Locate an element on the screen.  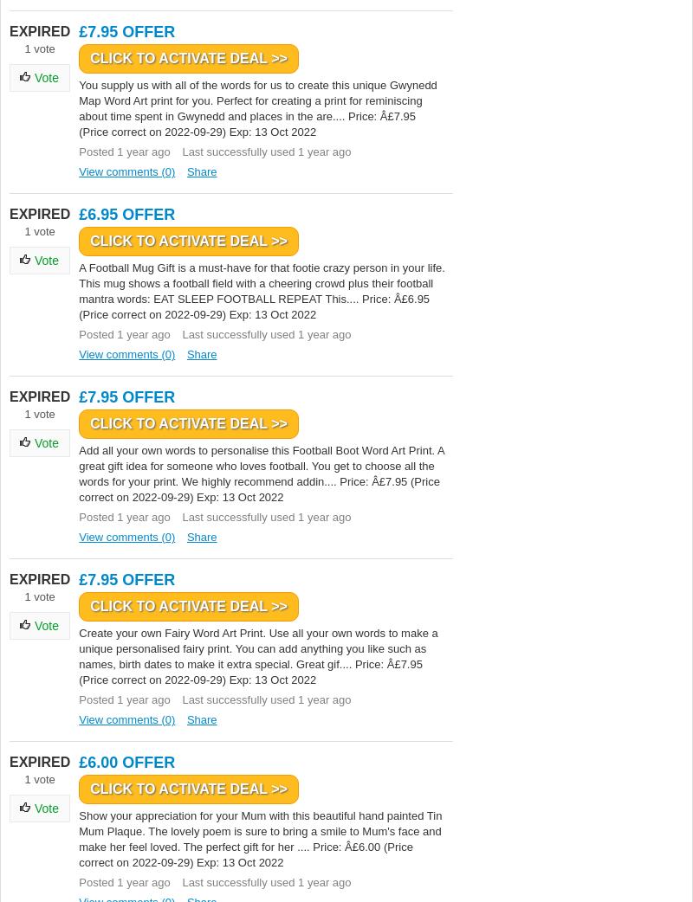
'You supply us with all of the words for us to create this unique Gwynedd Map Word Art print for you. Perfect for creating a print for reminiscing about time spent in Gwynedd and places in the are.... Price: Â£7.95 (Price correct on 2022-09-29) Exp: 13 Oct 2022' is located at coordinates (257, 108).